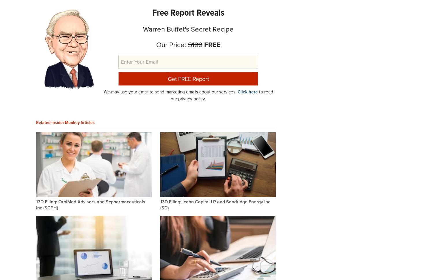 The height and width of the screenshot is (280, 430). I want to click on 'We may use your email to send marketing emails about our services.', so click(170, 91).